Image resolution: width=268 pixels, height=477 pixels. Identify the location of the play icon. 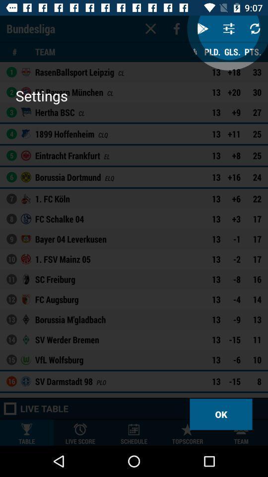
(202, 28).